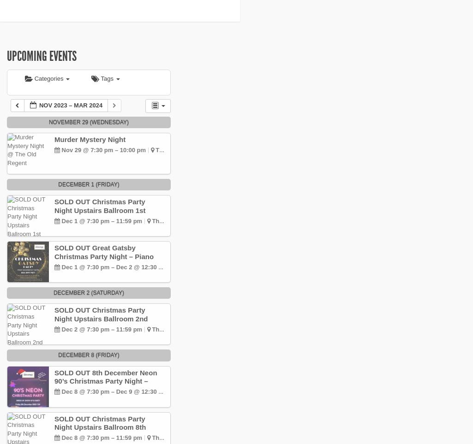 The height and width of the screenshot is (444, 473). I want to click on 'Murder Mystery Night', so click(90, 139).